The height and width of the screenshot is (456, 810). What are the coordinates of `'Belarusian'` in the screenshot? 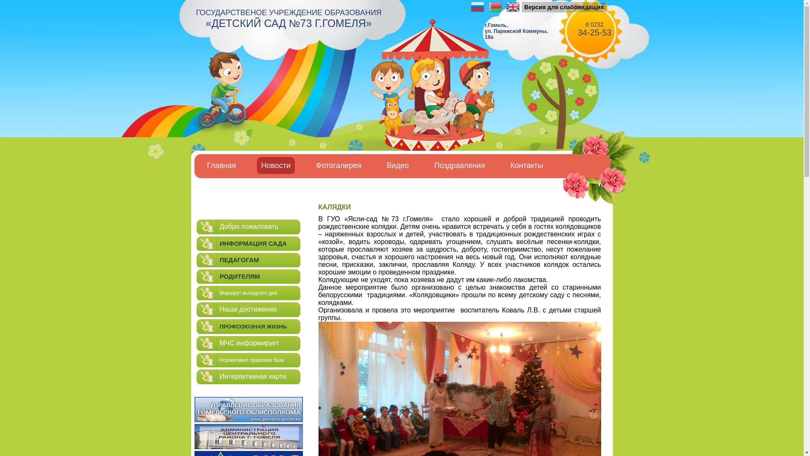 It's located at (486, 6).